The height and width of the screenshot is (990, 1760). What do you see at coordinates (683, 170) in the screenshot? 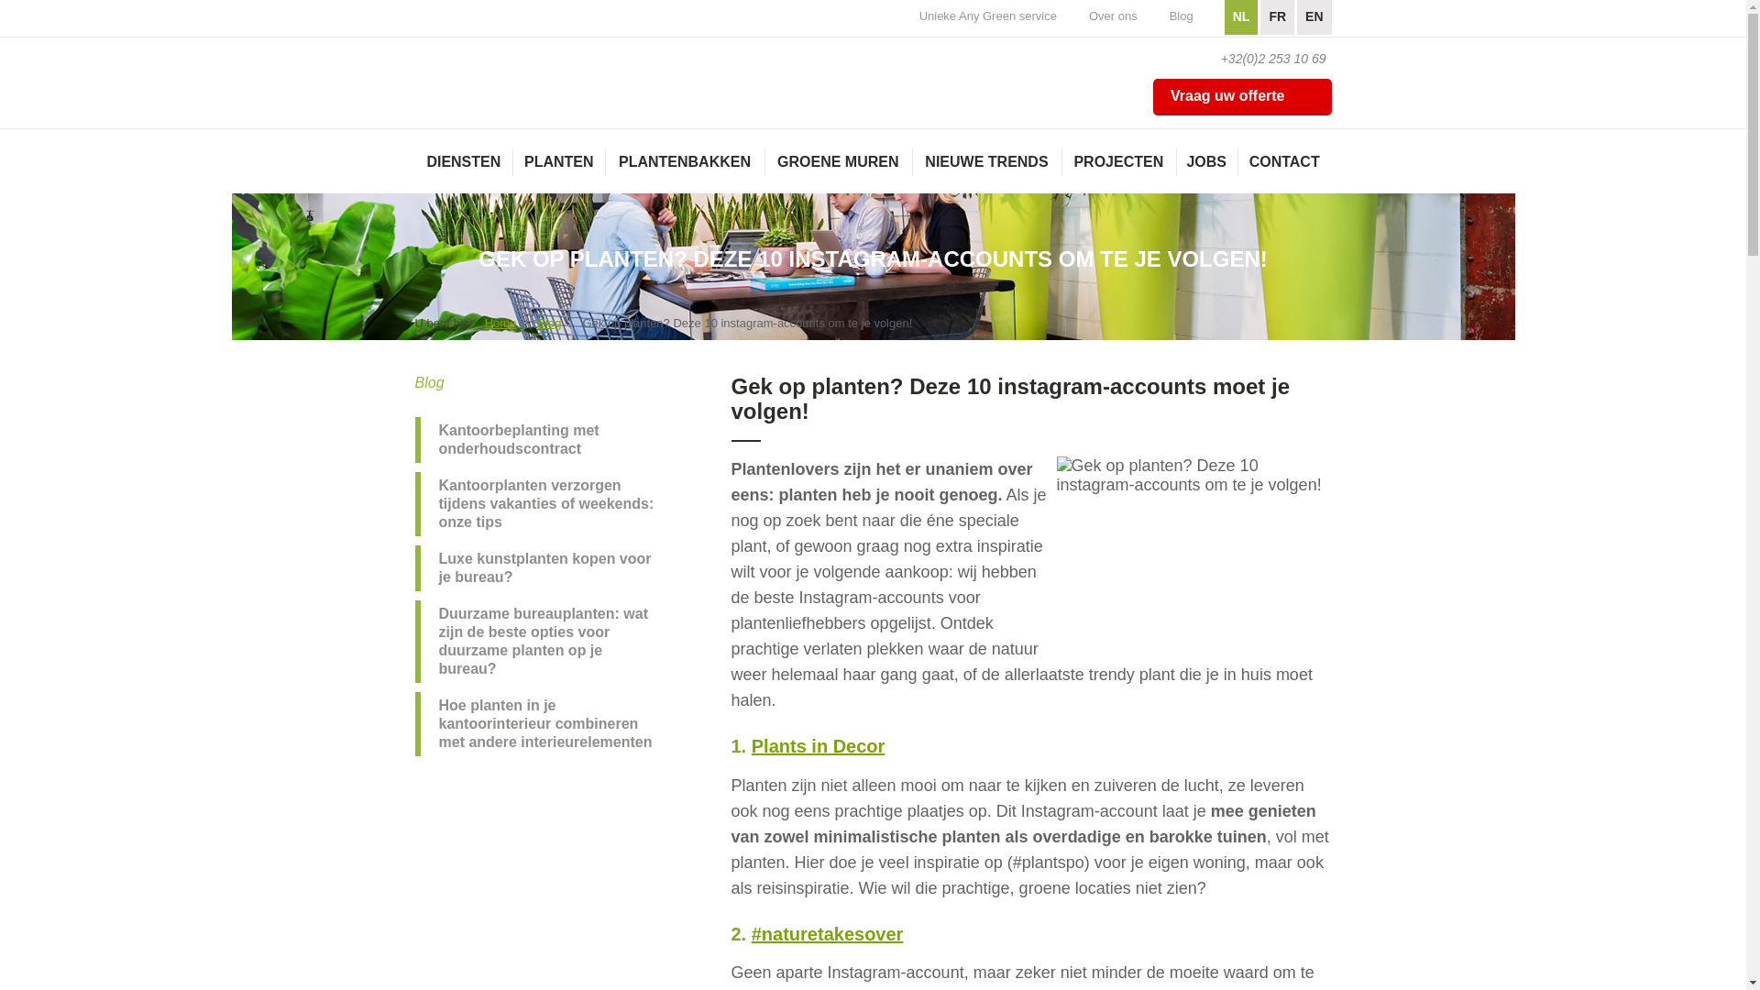
I see `'PLANTENBAKKEN'` at bounding box center [683, 170].